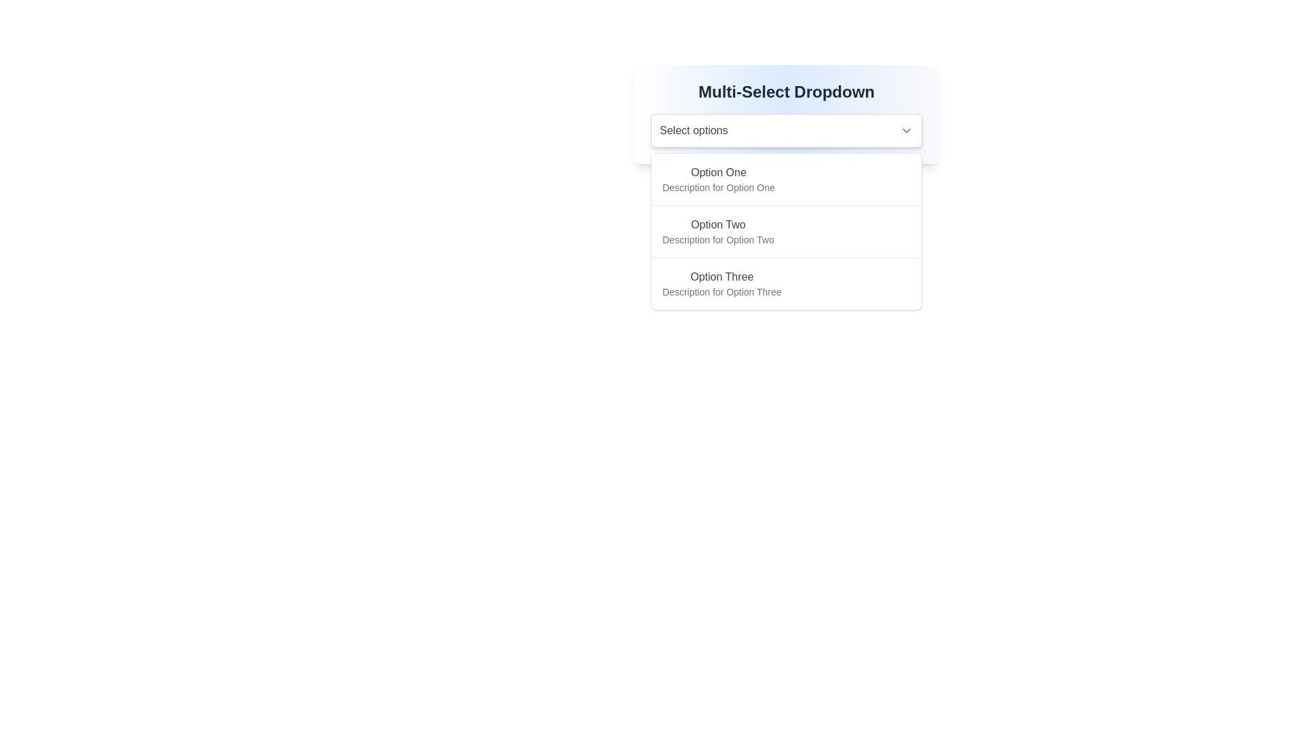 The image size is (1302, 732). I want to click on the first option in the dropdown menu, so click(717, 179).